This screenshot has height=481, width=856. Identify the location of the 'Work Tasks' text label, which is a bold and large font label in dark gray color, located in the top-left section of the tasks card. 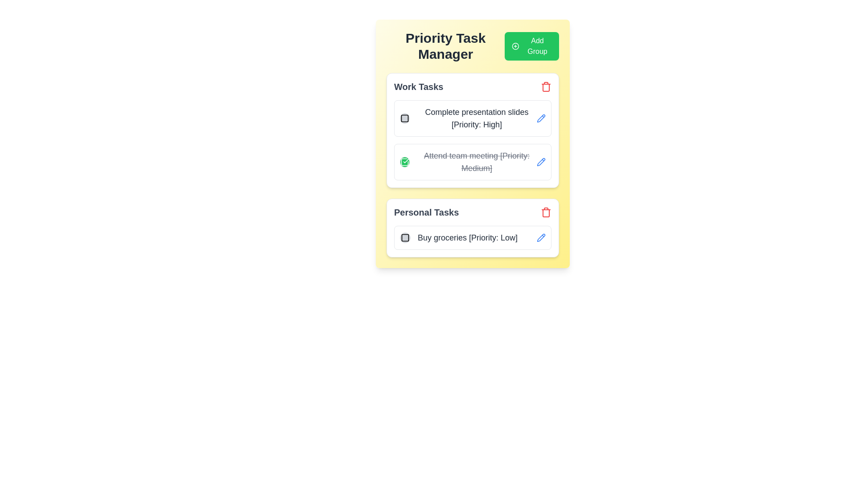
(418, 87).